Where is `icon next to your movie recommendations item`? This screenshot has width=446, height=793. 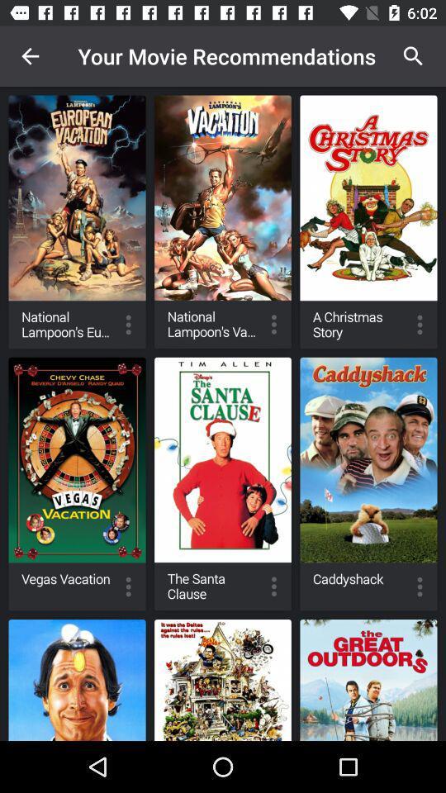 icon next to your movie recommendations item is located at coordinates (30, 56).